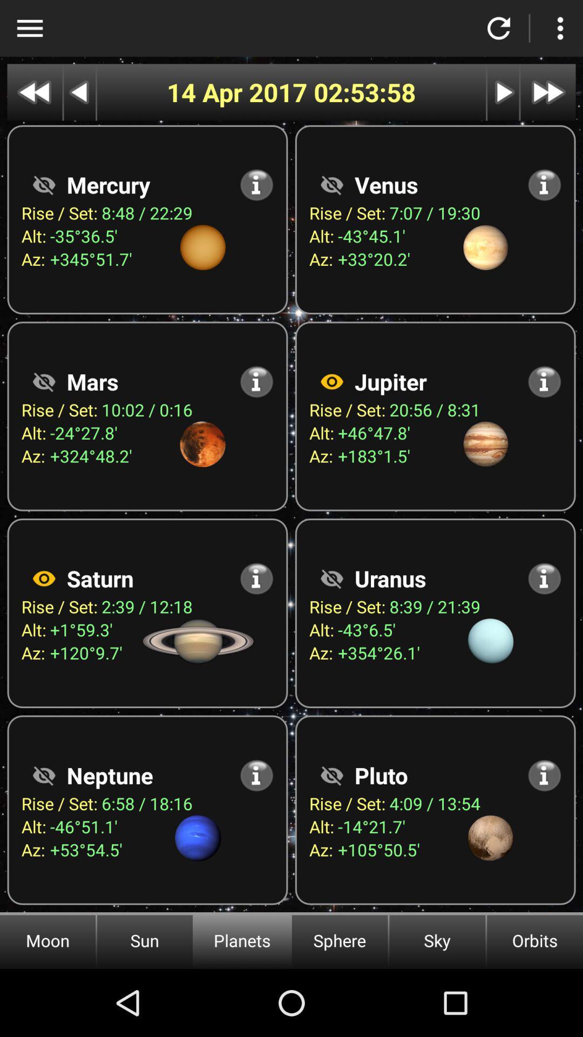 The width and height of the screenshot is (583, 1037). What do you see at coordinates (544, 381) in the screenshot?
I see `the info icon` at bounding box center [544, 381].